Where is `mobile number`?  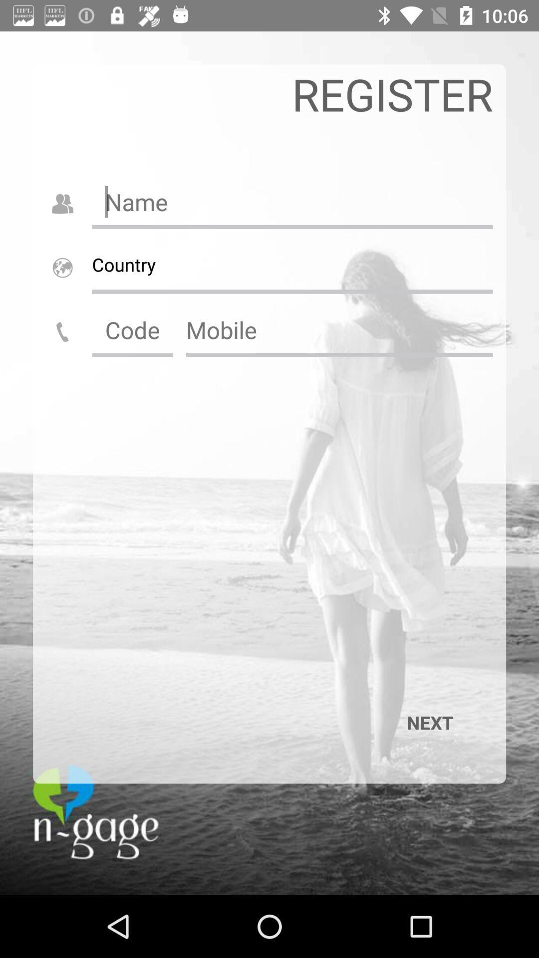 mobile number is located at coordinates (339, 330).